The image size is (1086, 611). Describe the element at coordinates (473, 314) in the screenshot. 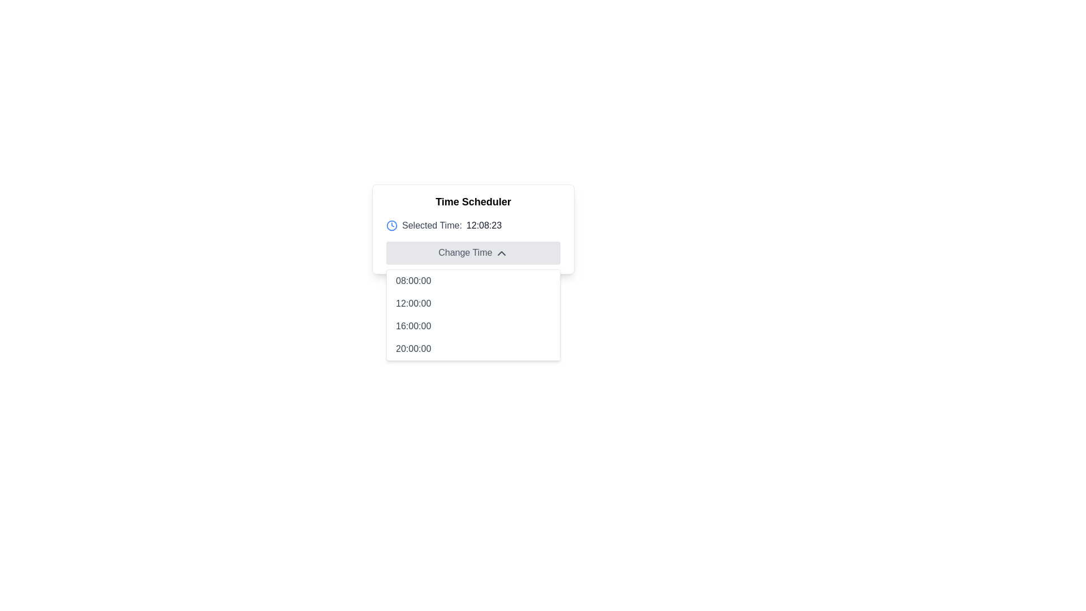

I see `the time option in the dropdown menu styled as a white box with rounded corners located below the 'Change Time' button in the 'Time Scheduler' interface` at that location.